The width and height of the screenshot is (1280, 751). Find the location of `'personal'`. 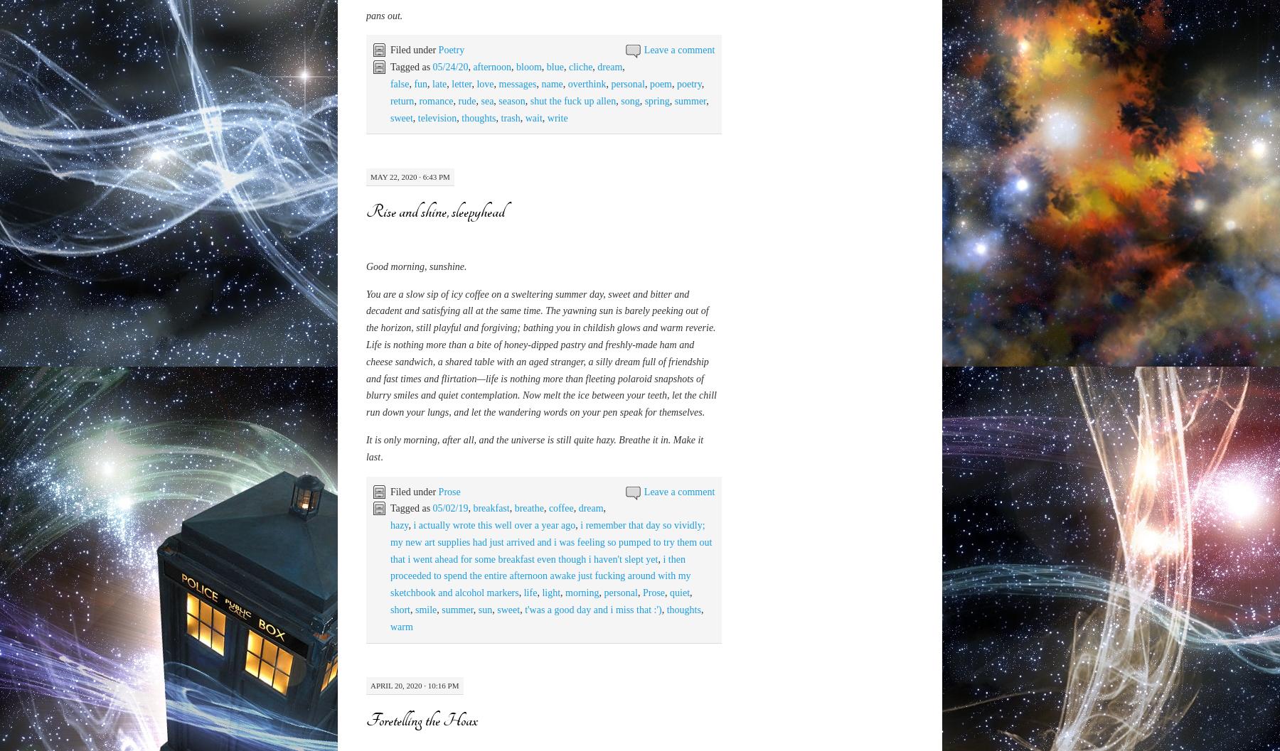

'personal' is located at coordinates (610, 659).